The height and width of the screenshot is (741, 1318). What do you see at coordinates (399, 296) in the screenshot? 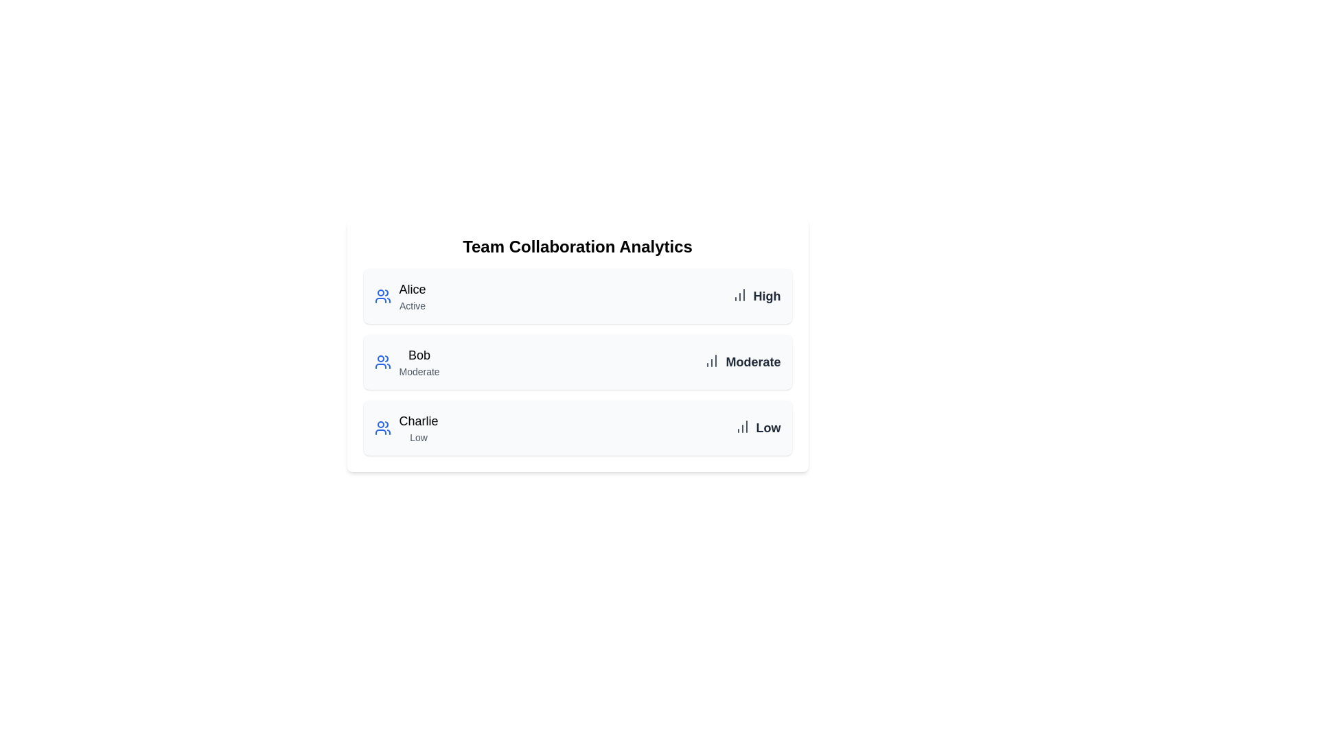
I see `the user item Alice from the list` at bounding box center [399, 296].